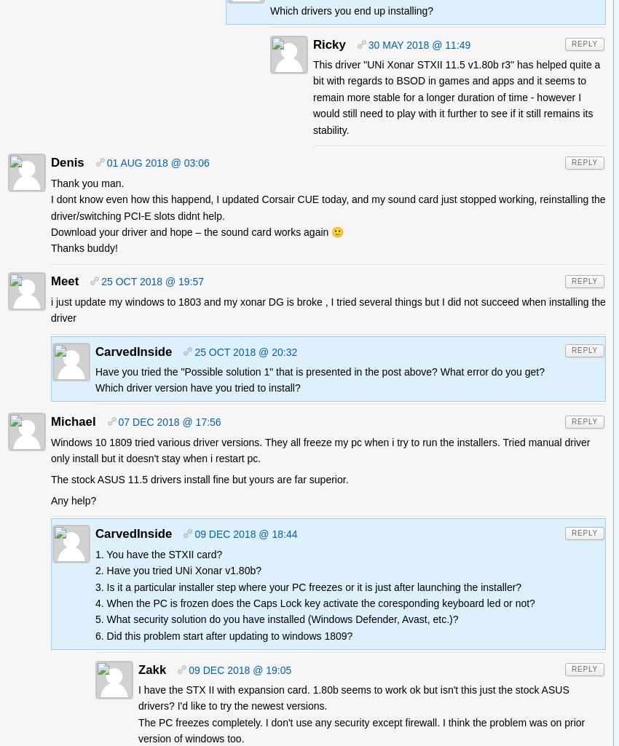 This screenshot has height=746, width=619. Describe the element at coordinates (245, 351) in the screenshot. I see `'25 Oct 2018 @ 20:32'` at that location.